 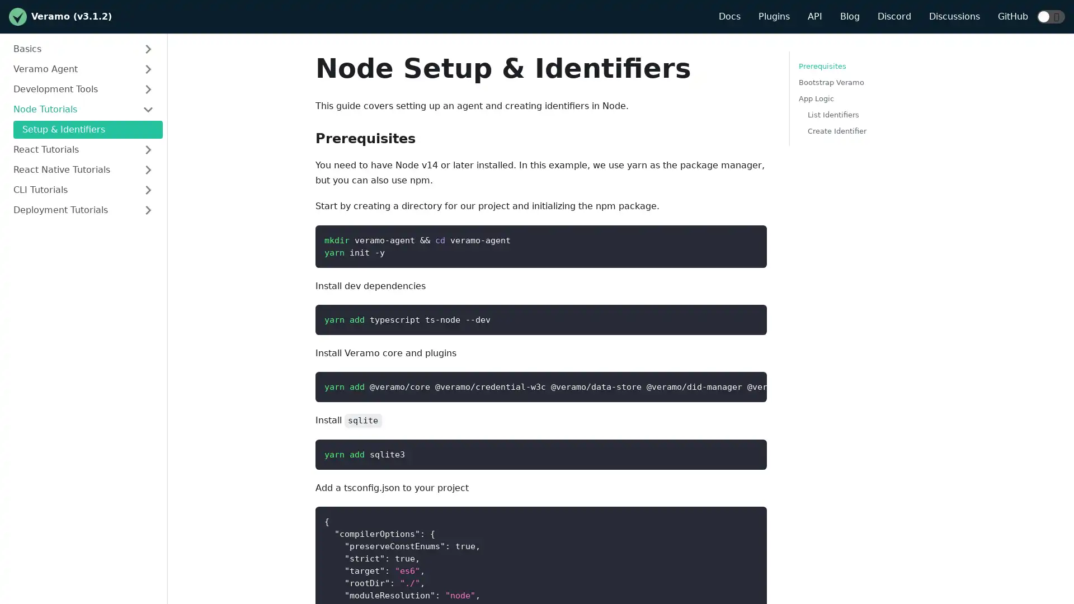 What do you see at coordinates (748, 450) in the screenshot?
I see `Copy code to clipboard` at bounding box center [748, 450].